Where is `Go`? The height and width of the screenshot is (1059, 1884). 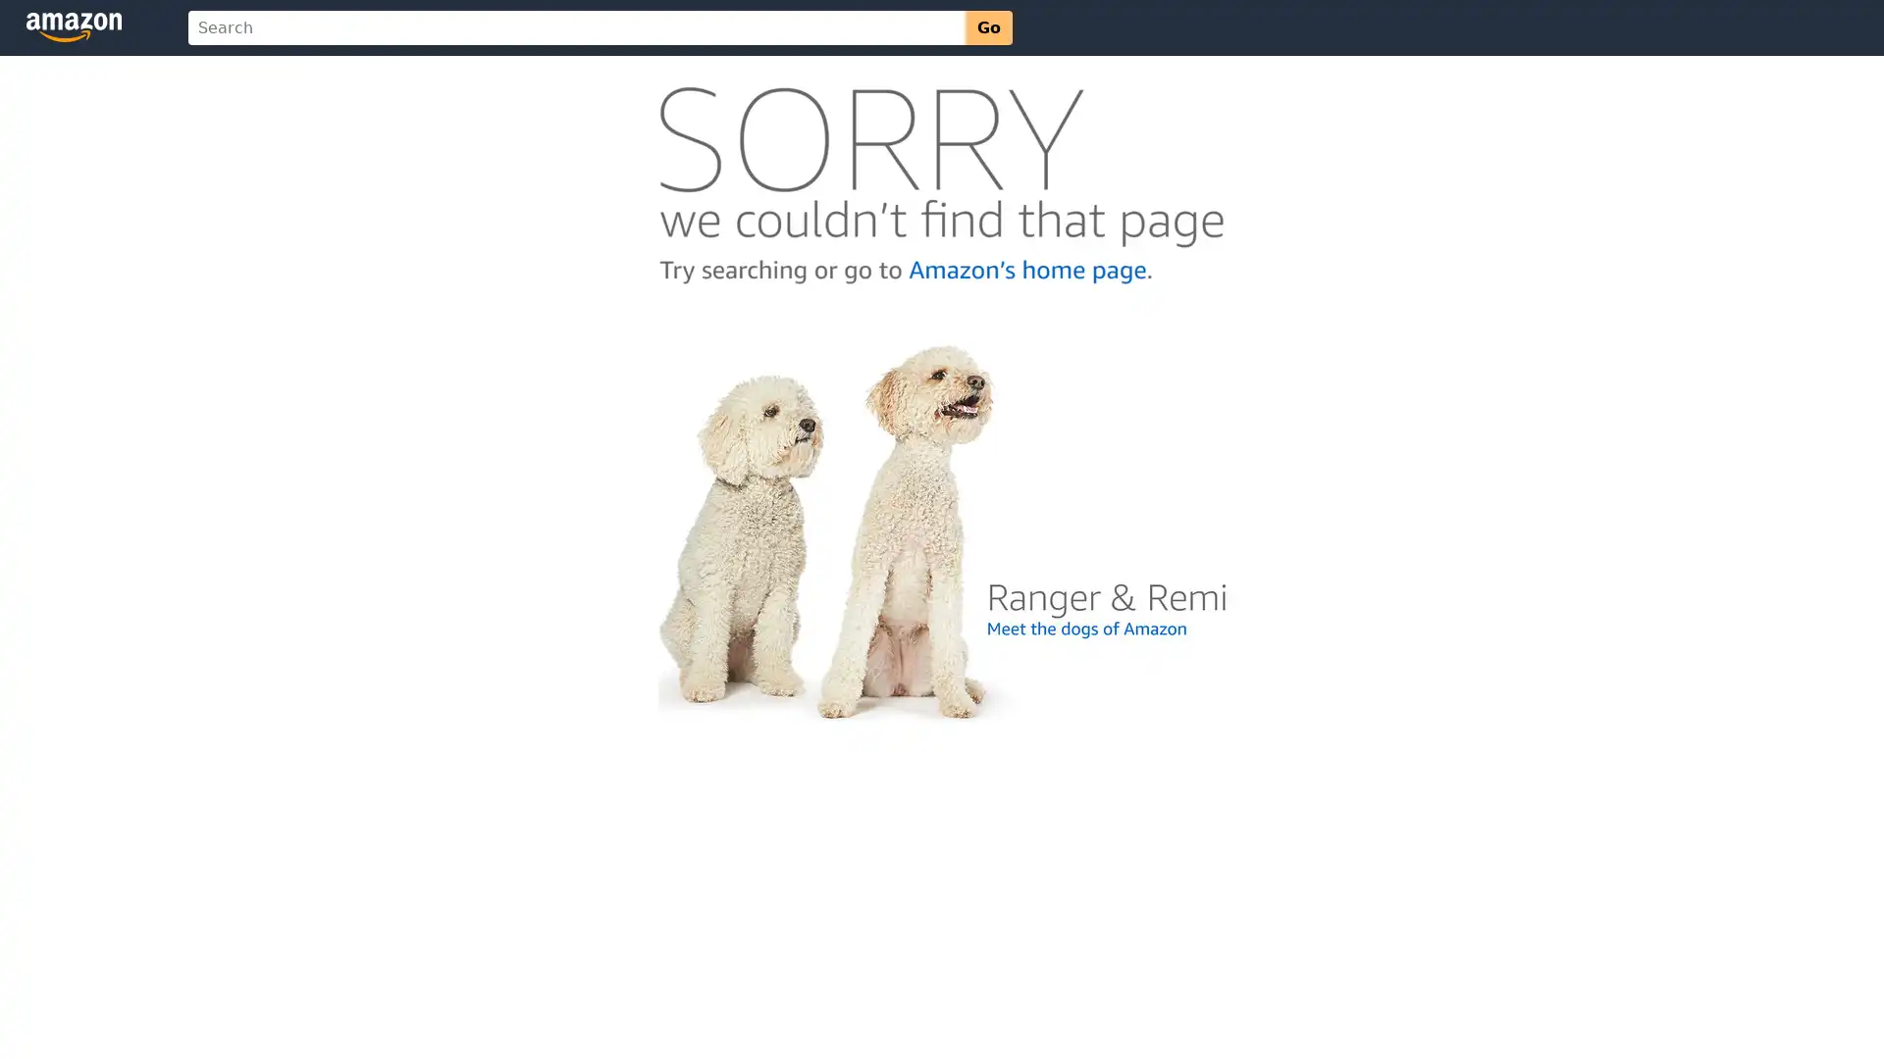 Go is located at coordinates (989, 27).